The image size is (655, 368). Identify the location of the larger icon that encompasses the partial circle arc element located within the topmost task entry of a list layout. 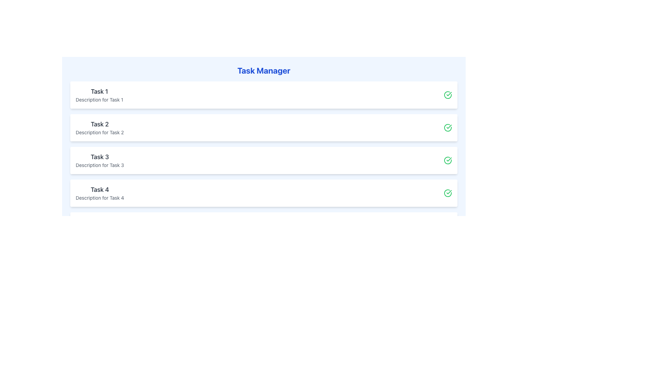
(448, 94).